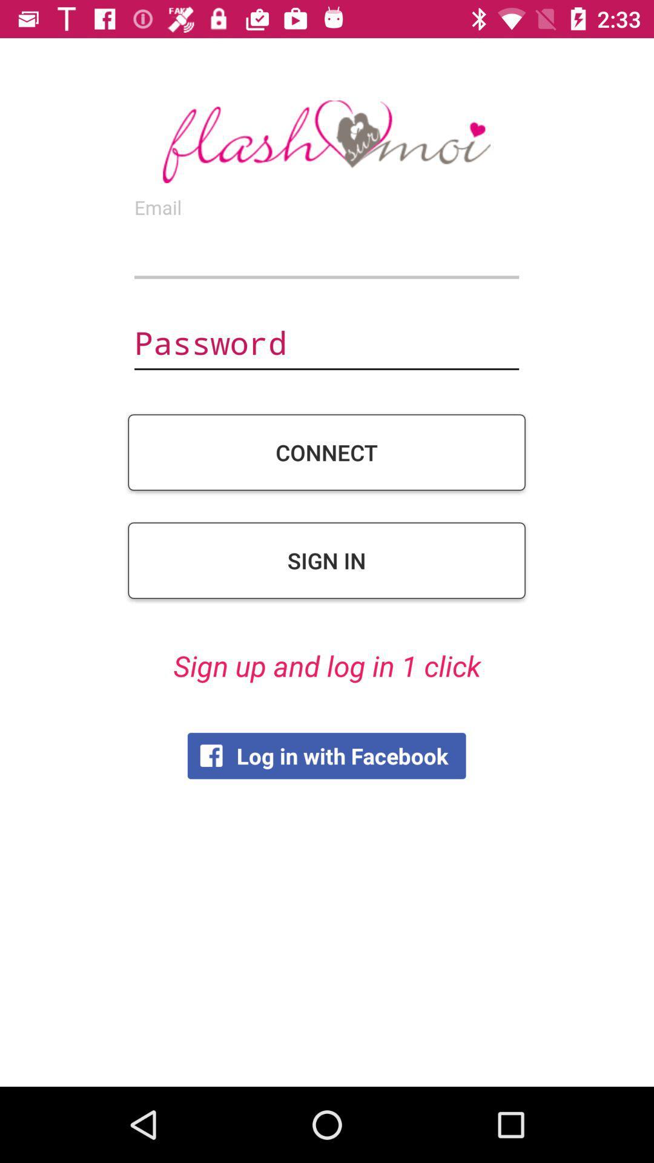 The height and width of the screenshot is (1163, 654). What do you see at coordinates (326, 344) in the screenshot?
I see `password button` at bounding box center [326, 344].